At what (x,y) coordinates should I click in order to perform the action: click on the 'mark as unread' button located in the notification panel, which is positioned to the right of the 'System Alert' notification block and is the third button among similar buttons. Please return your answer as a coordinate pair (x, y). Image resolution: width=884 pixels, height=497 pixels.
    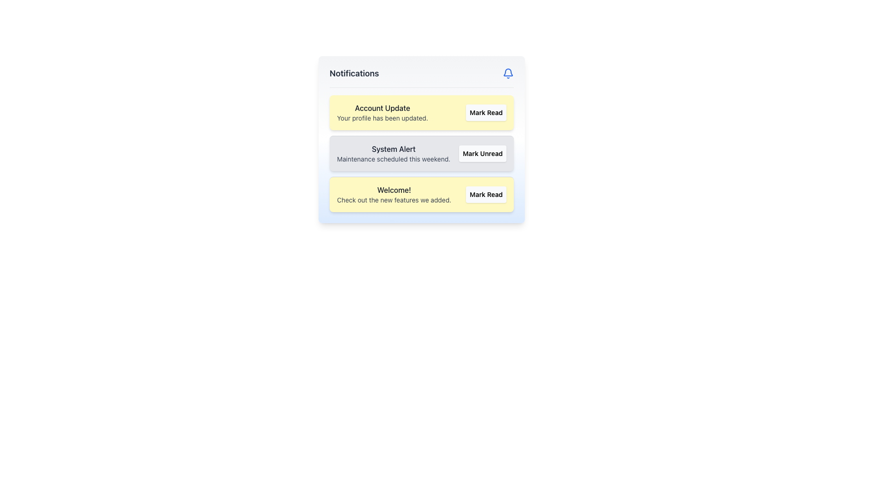
    Looking at the image, I should click on (482, 153).